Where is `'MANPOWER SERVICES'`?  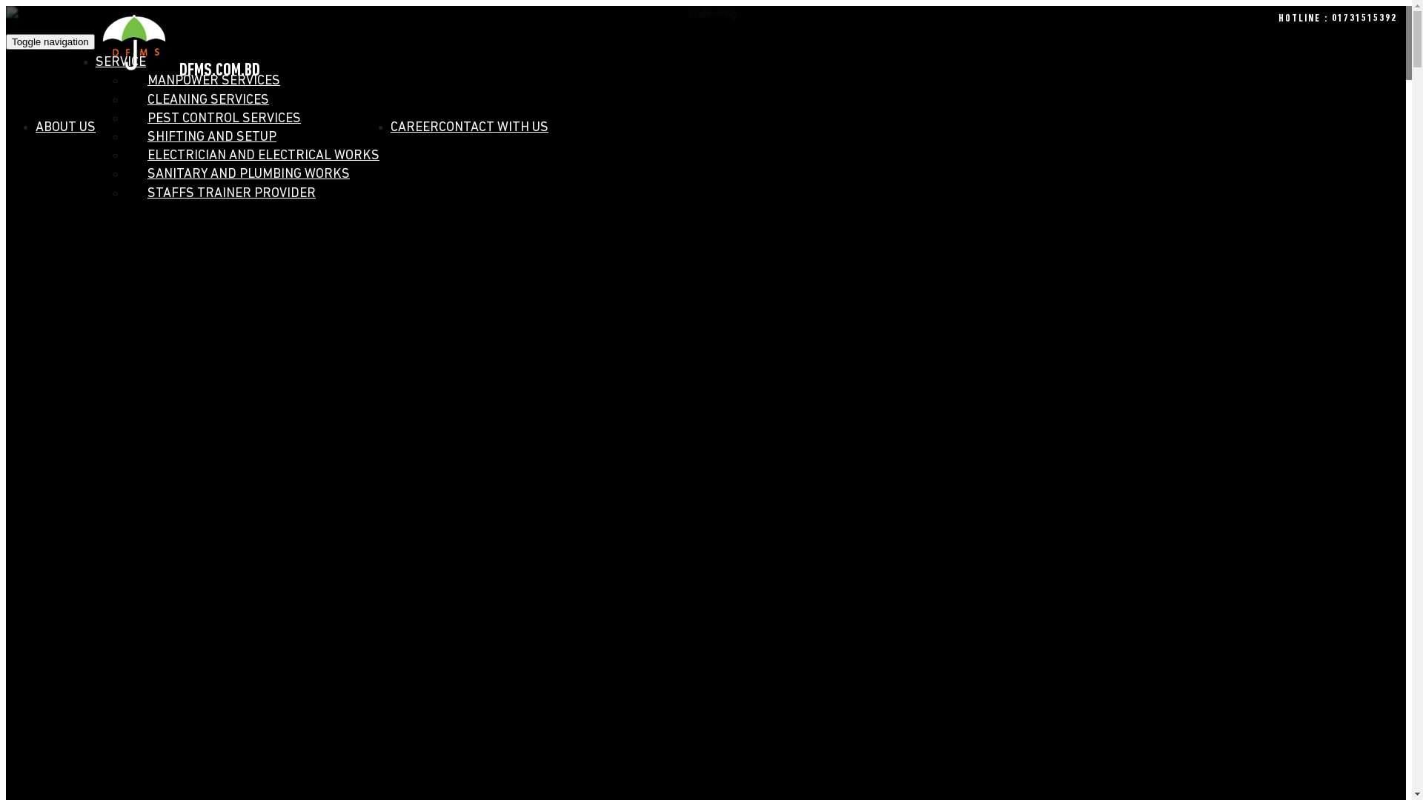 'MANPOWER SERVICES' is located at coordinates (125, 81).